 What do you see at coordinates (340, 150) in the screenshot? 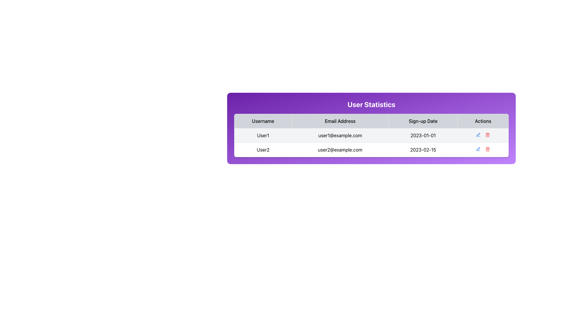
I see `the email address 'user2@example.com' displayed in black text on a white background, located in the second column of the second row of a data table` at bounding box center [340, 150].